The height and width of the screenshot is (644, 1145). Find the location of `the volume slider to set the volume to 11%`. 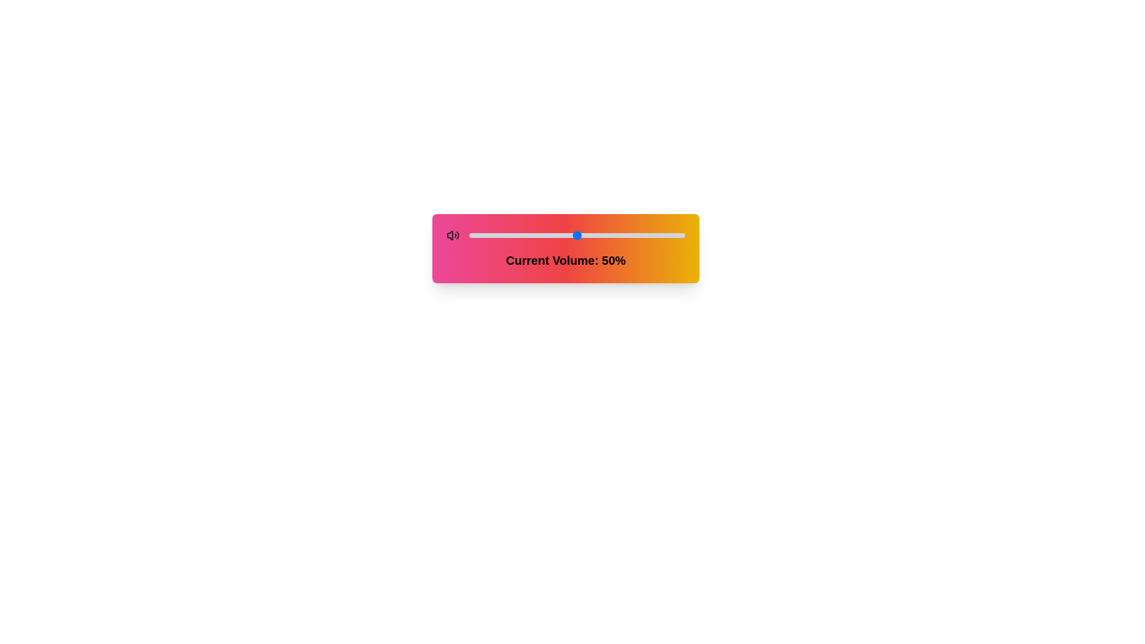

the volume slider to set the volume to 11% is located at coordinates (493, 235).